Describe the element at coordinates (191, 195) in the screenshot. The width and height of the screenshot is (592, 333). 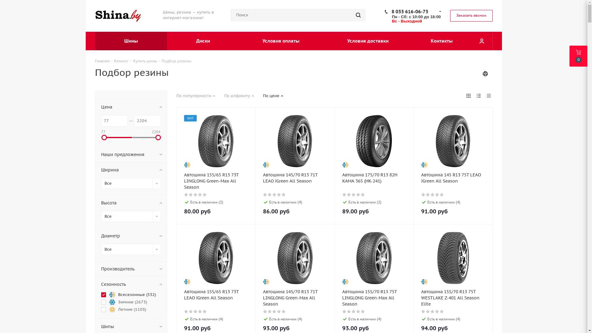
I see `'2'` at that location.